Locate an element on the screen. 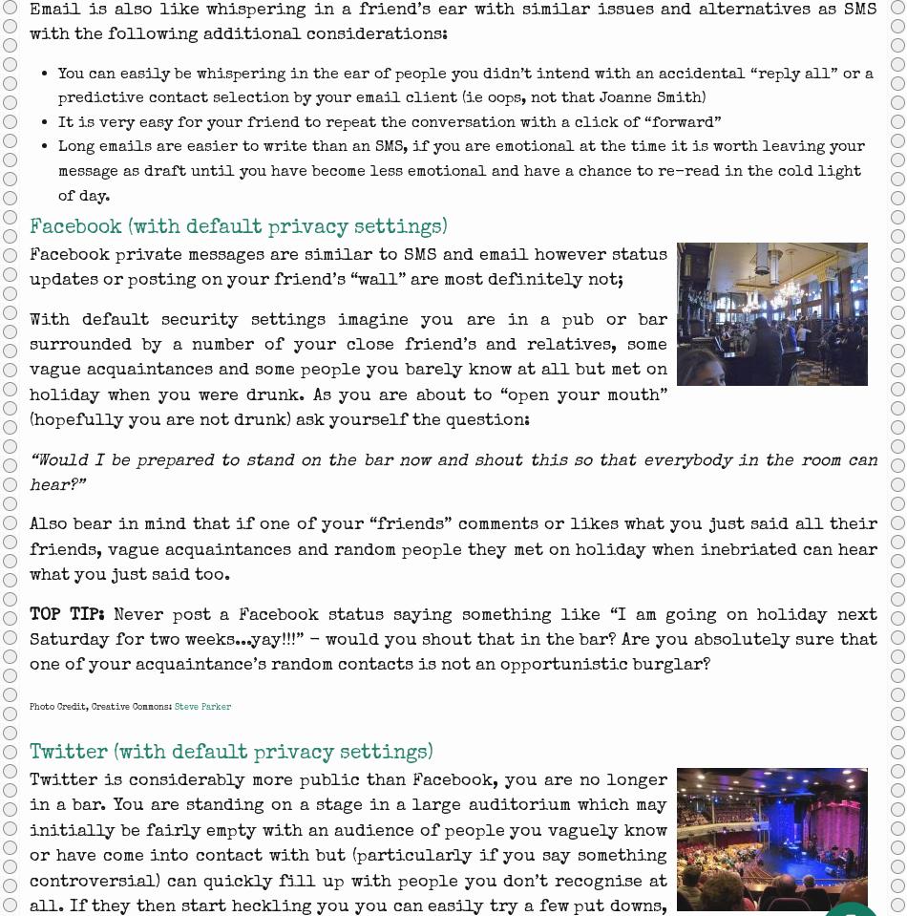 This screenshot has width=907, height=916. 'Also bear in mind that if one of your “friends” comments or likes what you just said all their friends, vague acquaintances and random people they met on holiday when inebriated can hear what you just said too.' is located at coordinates (29, 548).